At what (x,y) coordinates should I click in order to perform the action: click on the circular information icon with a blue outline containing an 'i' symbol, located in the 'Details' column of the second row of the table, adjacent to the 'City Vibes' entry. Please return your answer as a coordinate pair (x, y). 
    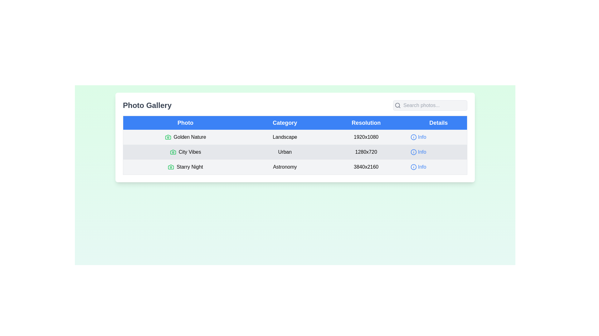
    Looking at the image, I should click on (413, 152).